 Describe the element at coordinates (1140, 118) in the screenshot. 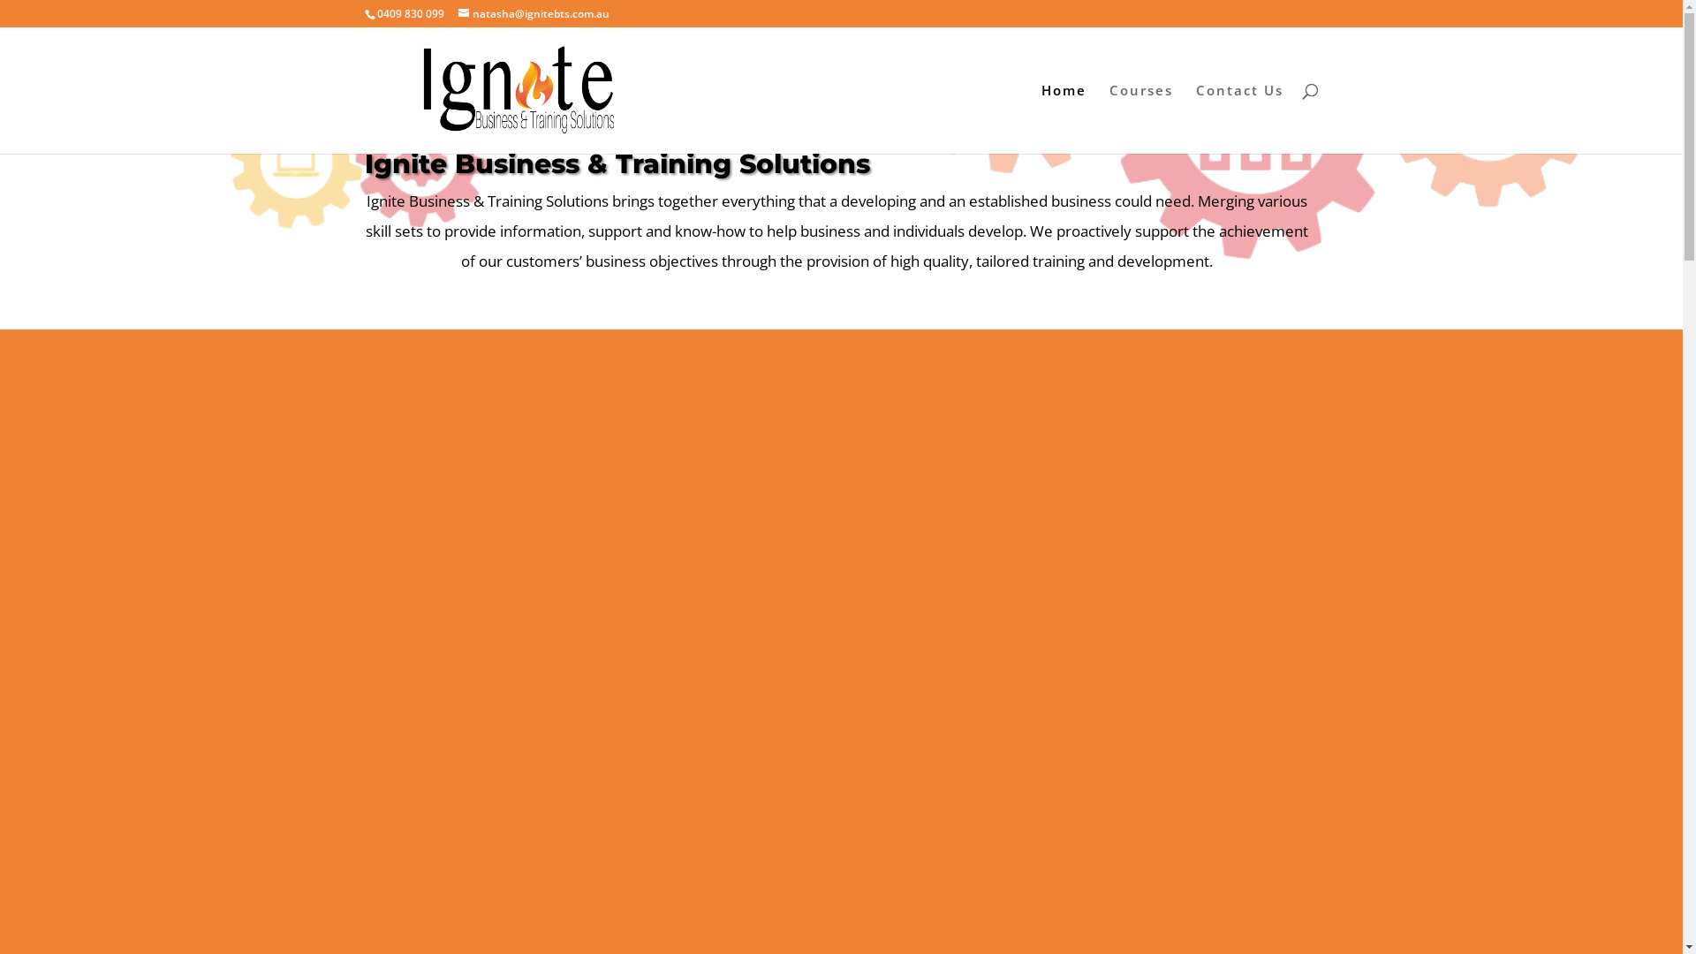

I see `'Courses'` at that location.